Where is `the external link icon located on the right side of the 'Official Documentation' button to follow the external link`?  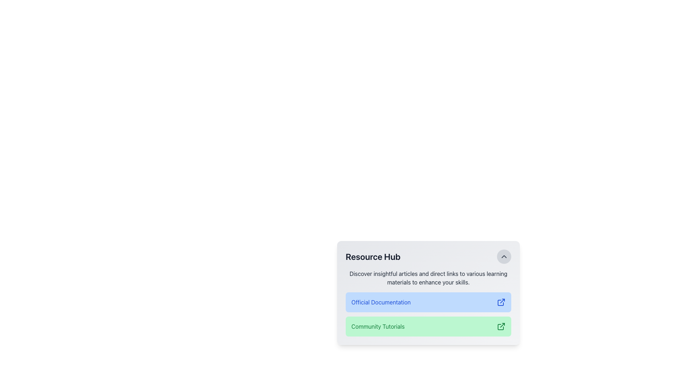
the external link icon located on the right side of the 'Official Documentation' button to follow the external link is located at coordinates (501, 302).